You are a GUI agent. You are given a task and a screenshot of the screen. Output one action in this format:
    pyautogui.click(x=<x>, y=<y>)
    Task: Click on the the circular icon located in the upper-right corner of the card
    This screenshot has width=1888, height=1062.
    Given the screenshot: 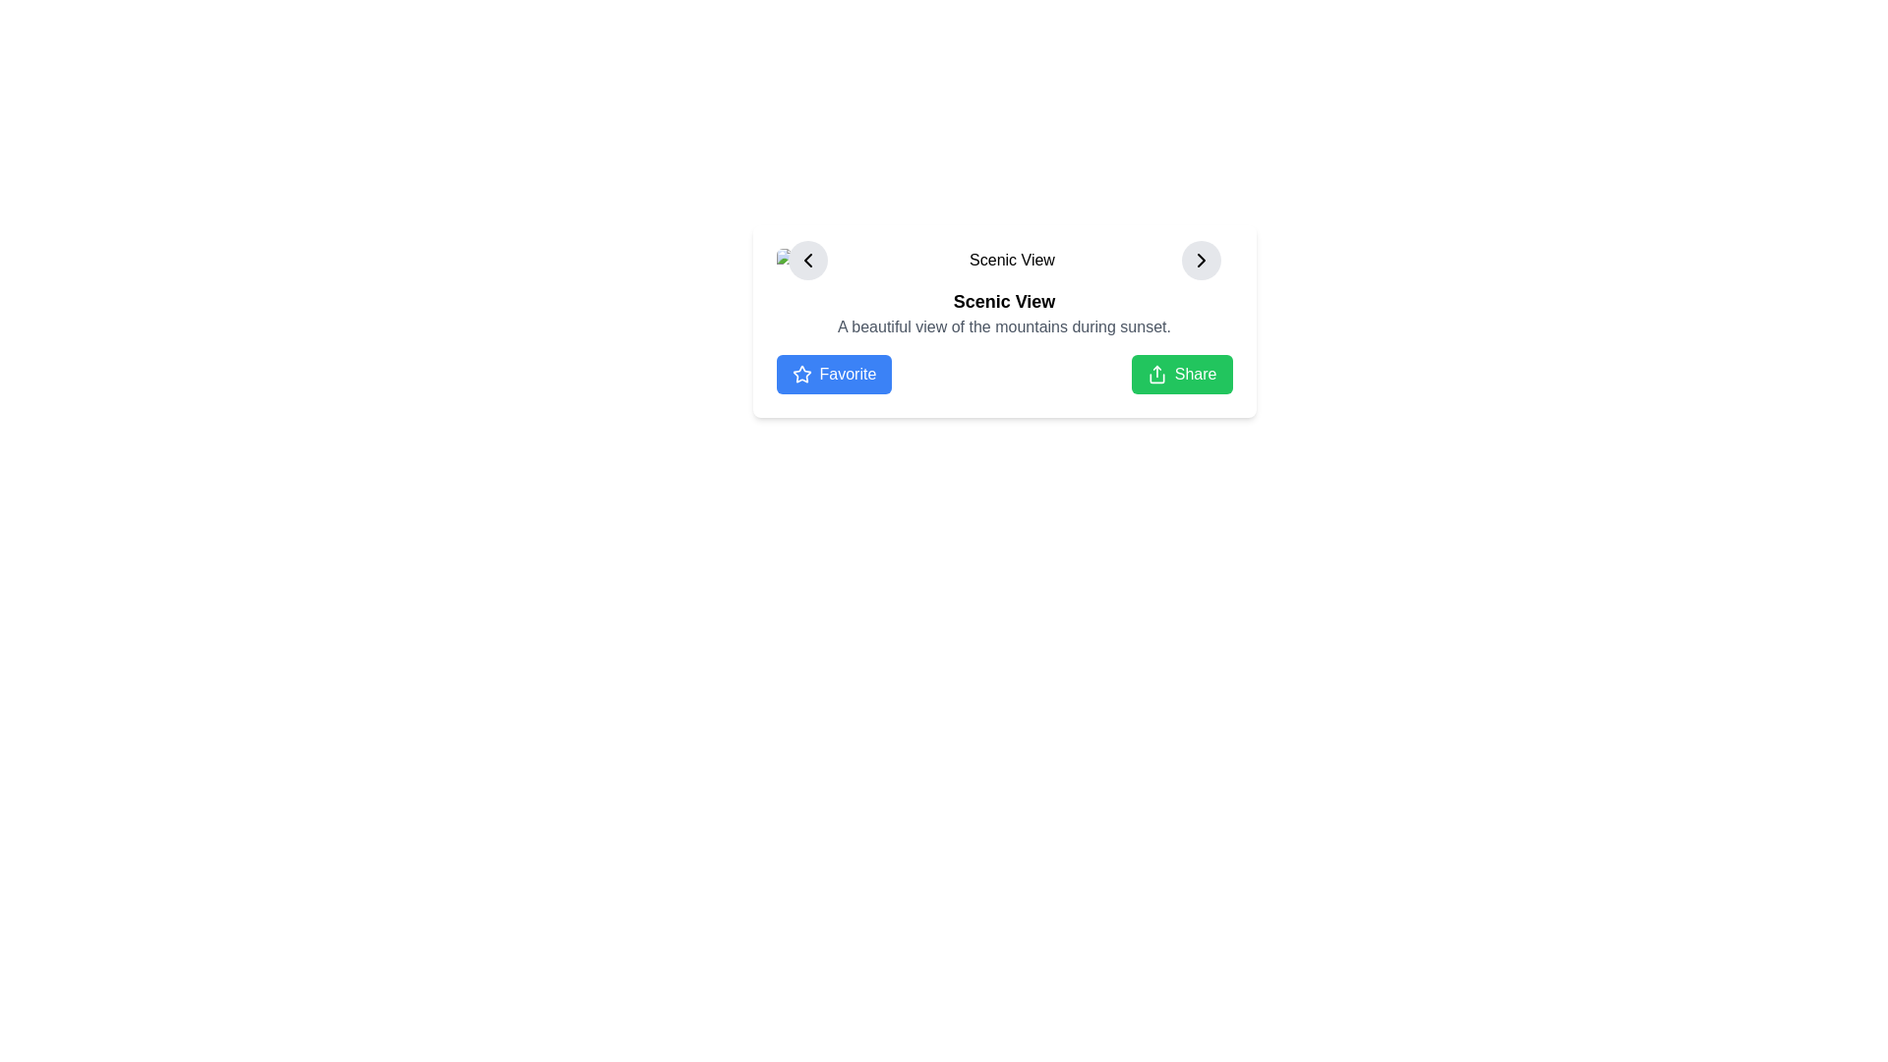 What is the action you would take?
    pyautogui.click(x=1200, y=260)
    